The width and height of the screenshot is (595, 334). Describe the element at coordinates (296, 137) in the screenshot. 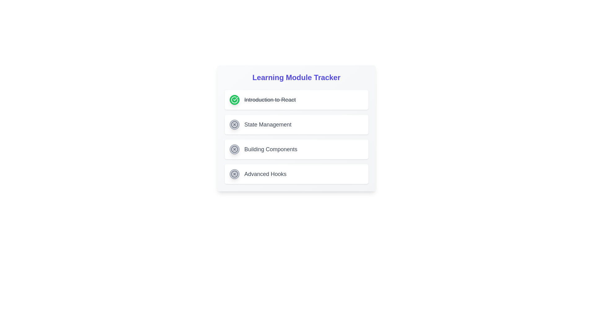

I see `the third module item in the course tracker labeled 'Building Components', which is part of a vertically stacked list under the title 'Learning Module Tracker'` at that location.